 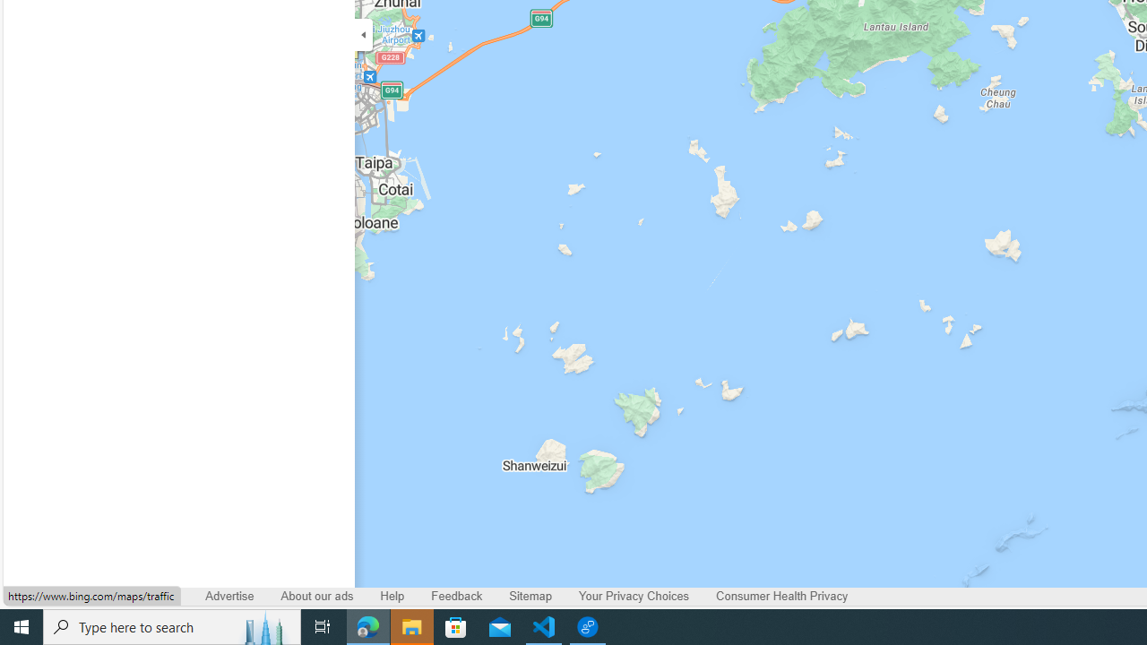 I want to click on 'About our ads', so click(x=317, y=596).